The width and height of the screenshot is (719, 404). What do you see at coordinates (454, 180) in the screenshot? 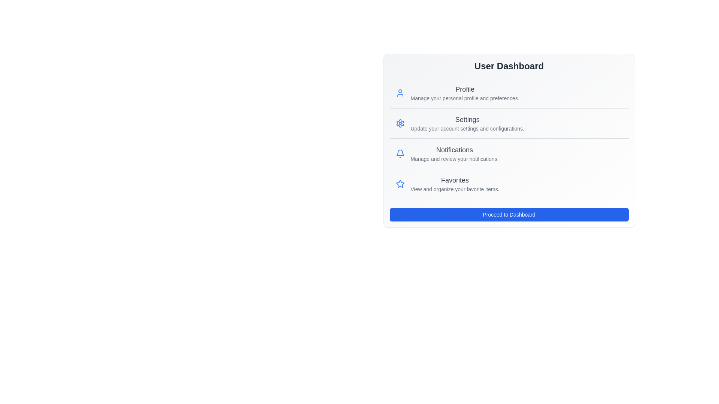
I see `the 'Favorites' label, which serves as the title for the Favorites section located directly below the 'Notifications' section in the user dashboard interface` at bounding box center [454, 180].